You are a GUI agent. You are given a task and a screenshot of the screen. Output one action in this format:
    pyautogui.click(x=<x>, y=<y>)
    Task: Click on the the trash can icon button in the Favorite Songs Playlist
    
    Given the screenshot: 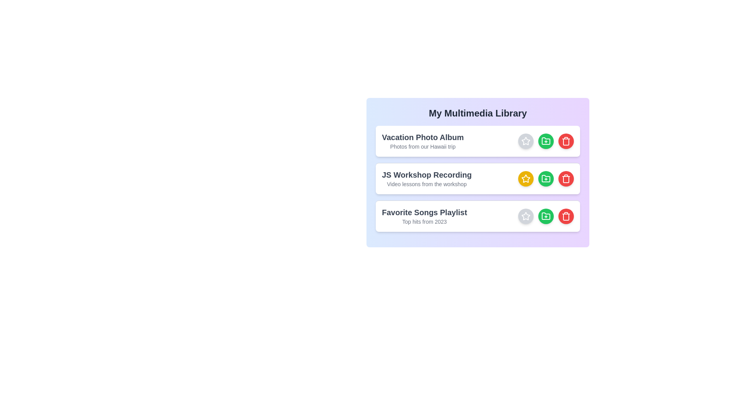 What is the action you would take?
    pyautogui.click(x=566, y=179)
    